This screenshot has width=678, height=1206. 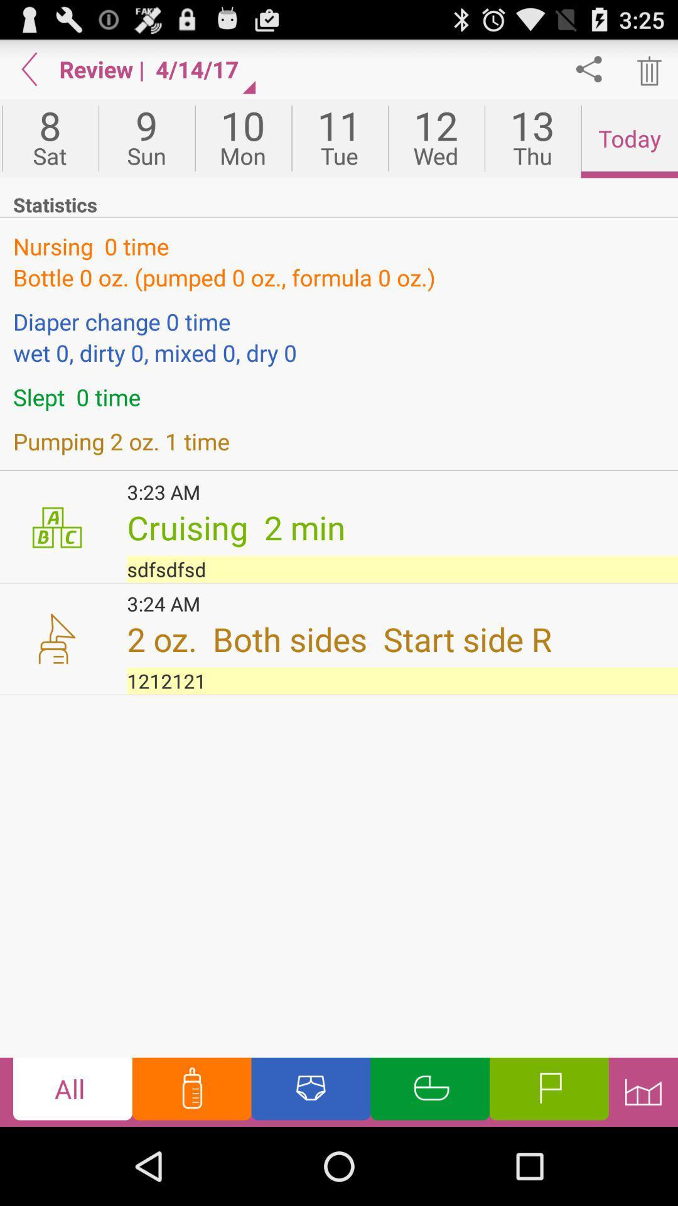 What do you see at coordinates (589, 73) in the screenshot?
I see `the share icon` at bounding box center [589, 73].